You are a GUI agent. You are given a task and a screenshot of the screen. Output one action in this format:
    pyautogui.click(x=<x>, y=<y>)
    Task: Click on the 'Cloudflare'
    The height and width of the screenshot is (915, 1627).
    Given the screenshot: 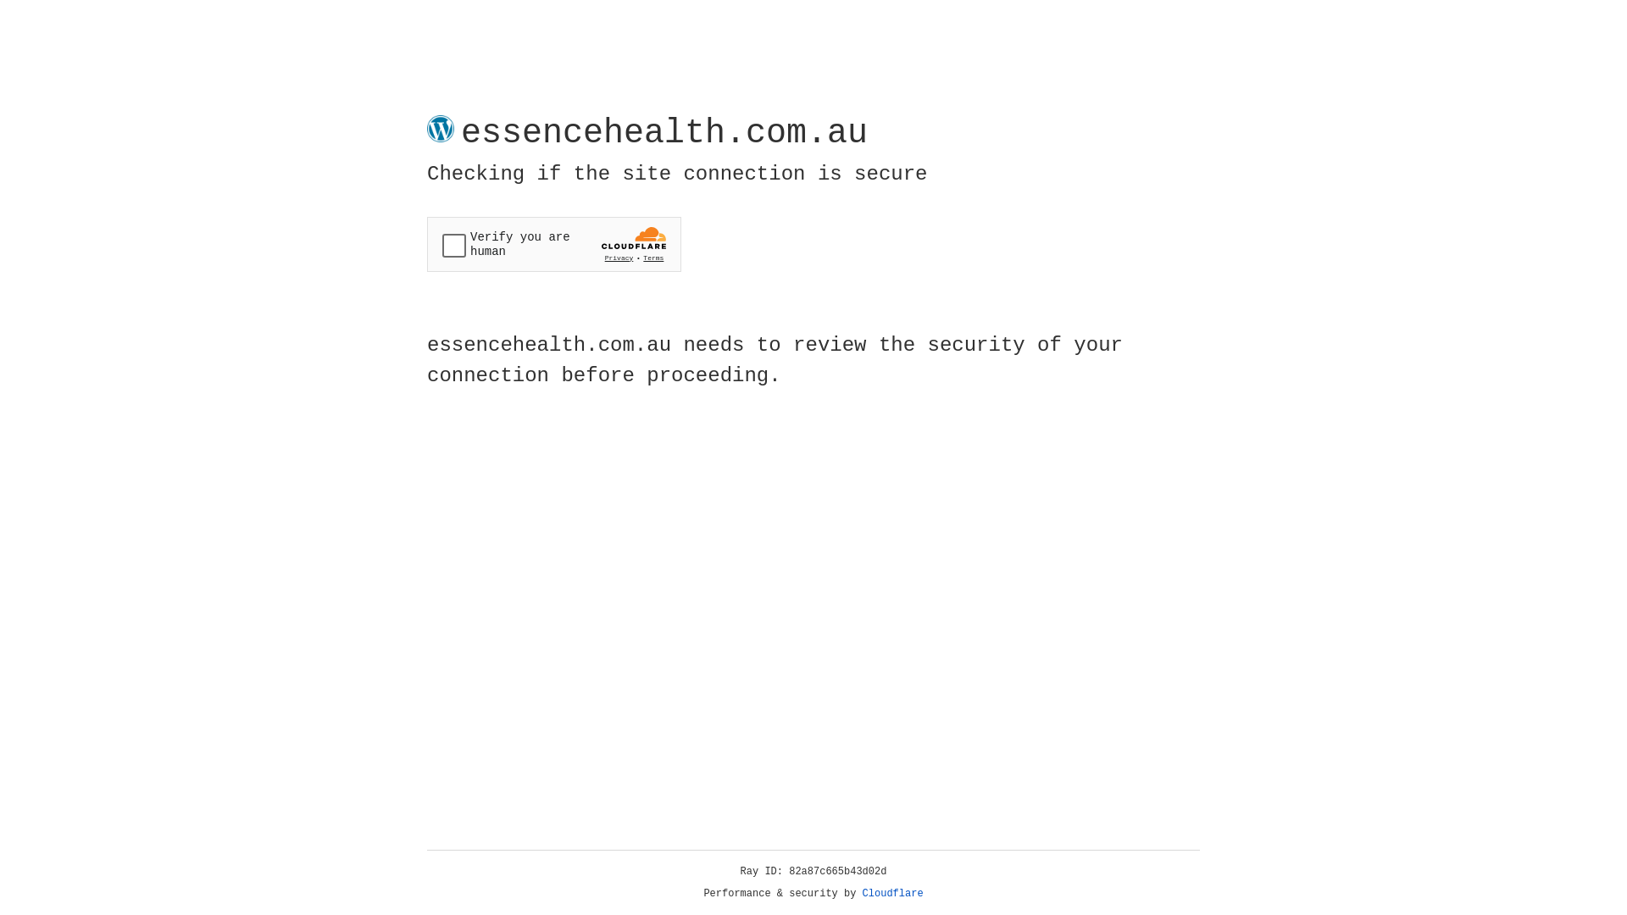 What is the action you would take?
    pyautogui.click(x=892, y=893)
    